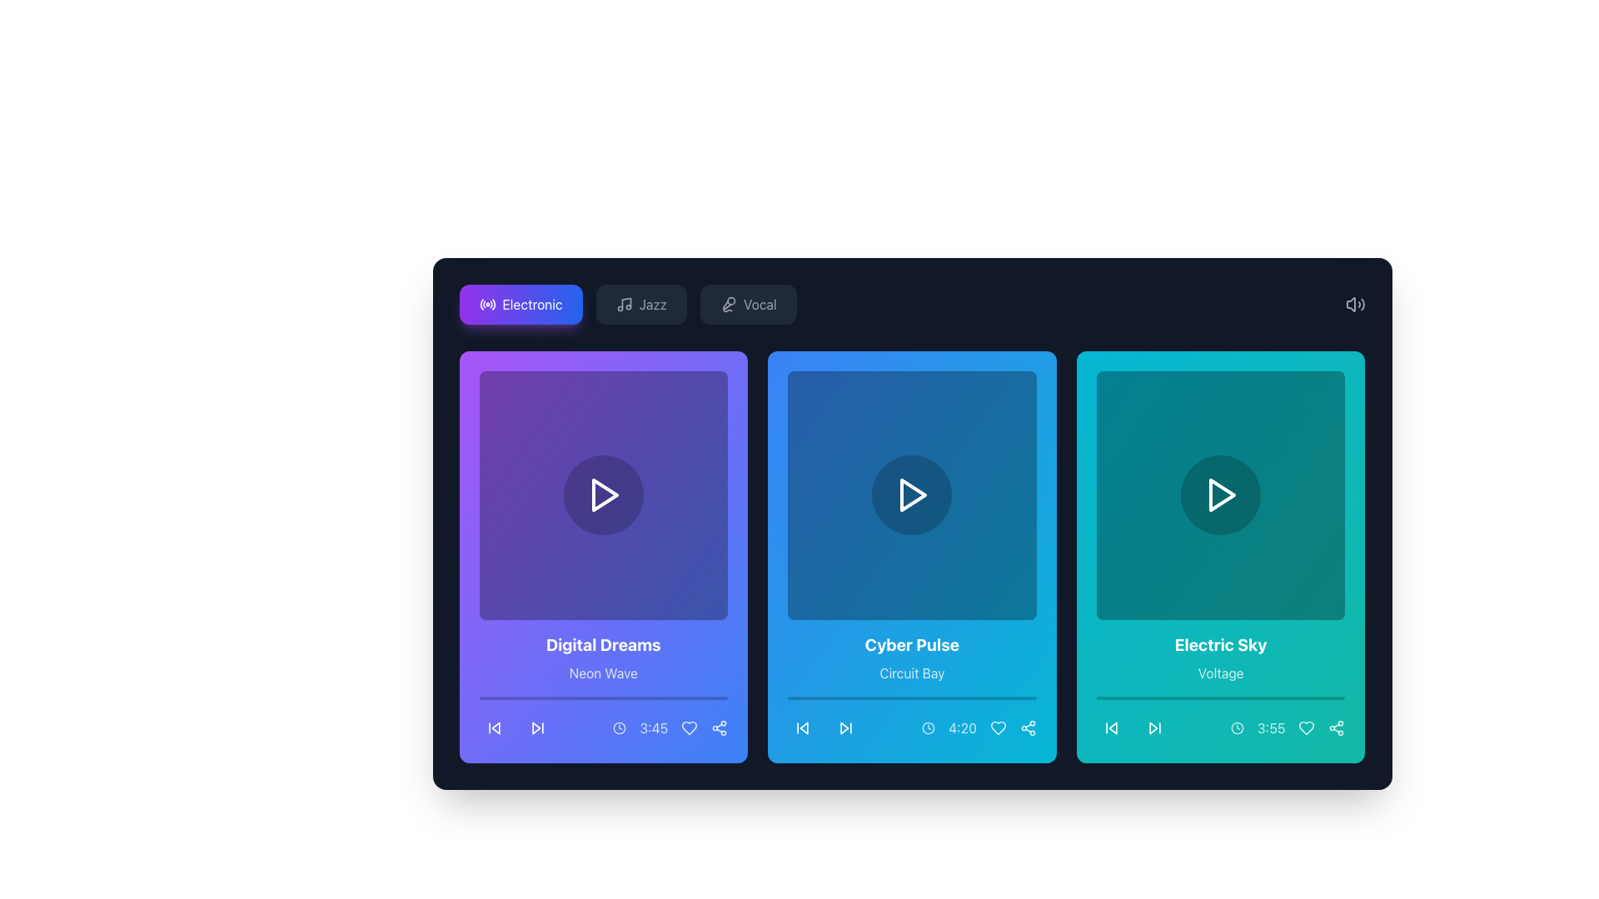 The width and height of the screenshot is (1599, 899). What do you see at coordinates (602, 557) in the screenshot?
I see `the music item card that represents a track with a play button, located as the first card in a horizontal grid, to trigger a visual effect` at bounding box center [602, 557].